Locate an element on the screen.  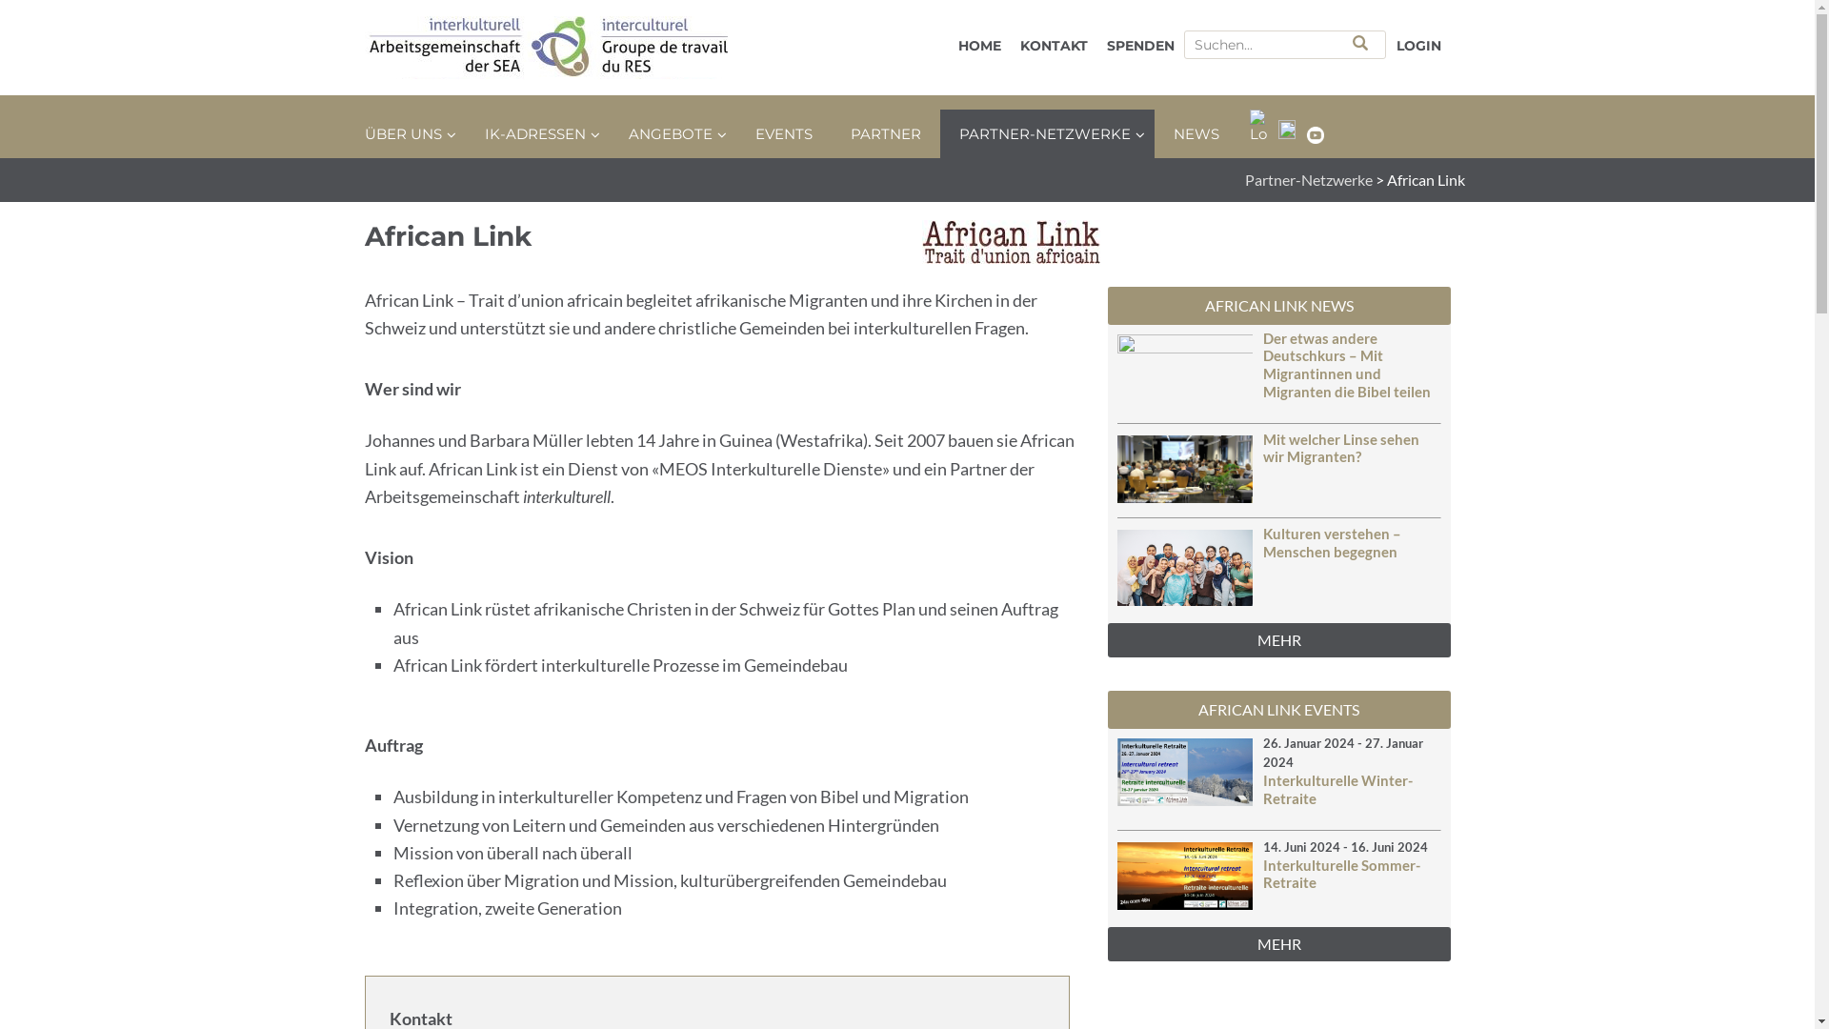
'KONTAKT' is located at coordinates (1052, 44).